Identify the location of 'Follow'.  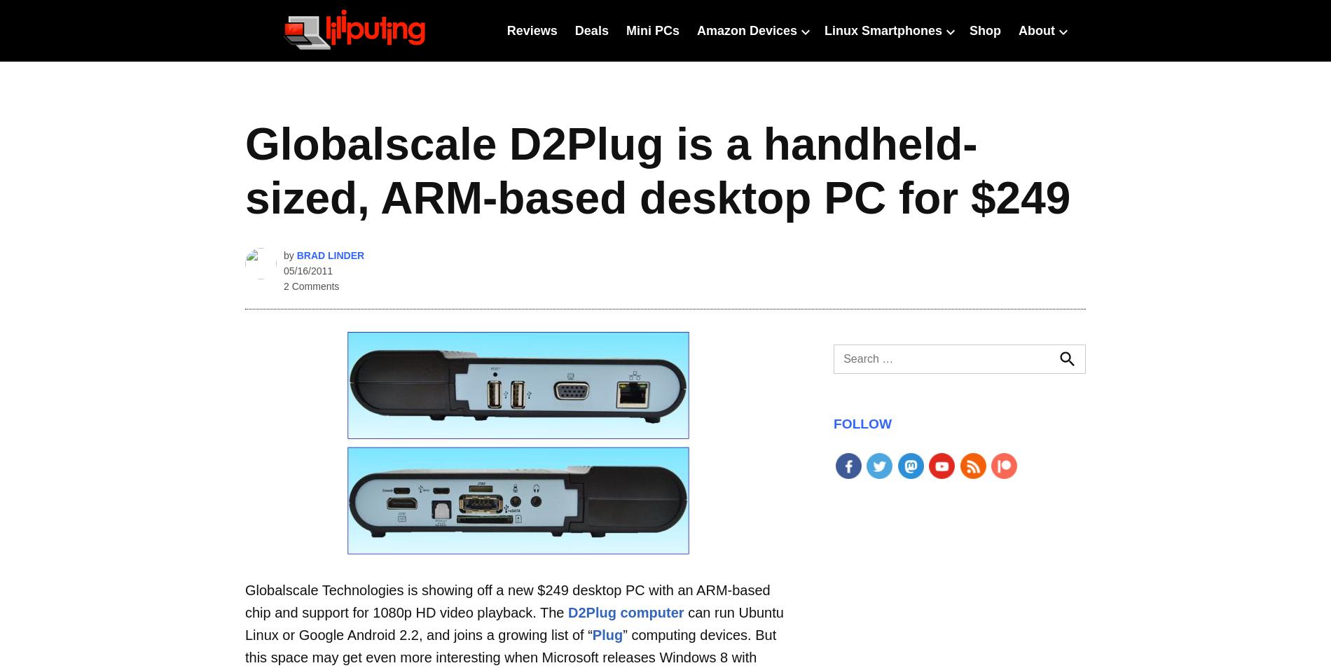
(862, 422).